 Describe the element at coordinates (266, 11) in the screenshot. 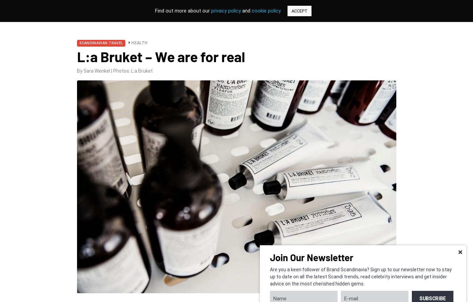

I see `'cookie policy'` at that location.